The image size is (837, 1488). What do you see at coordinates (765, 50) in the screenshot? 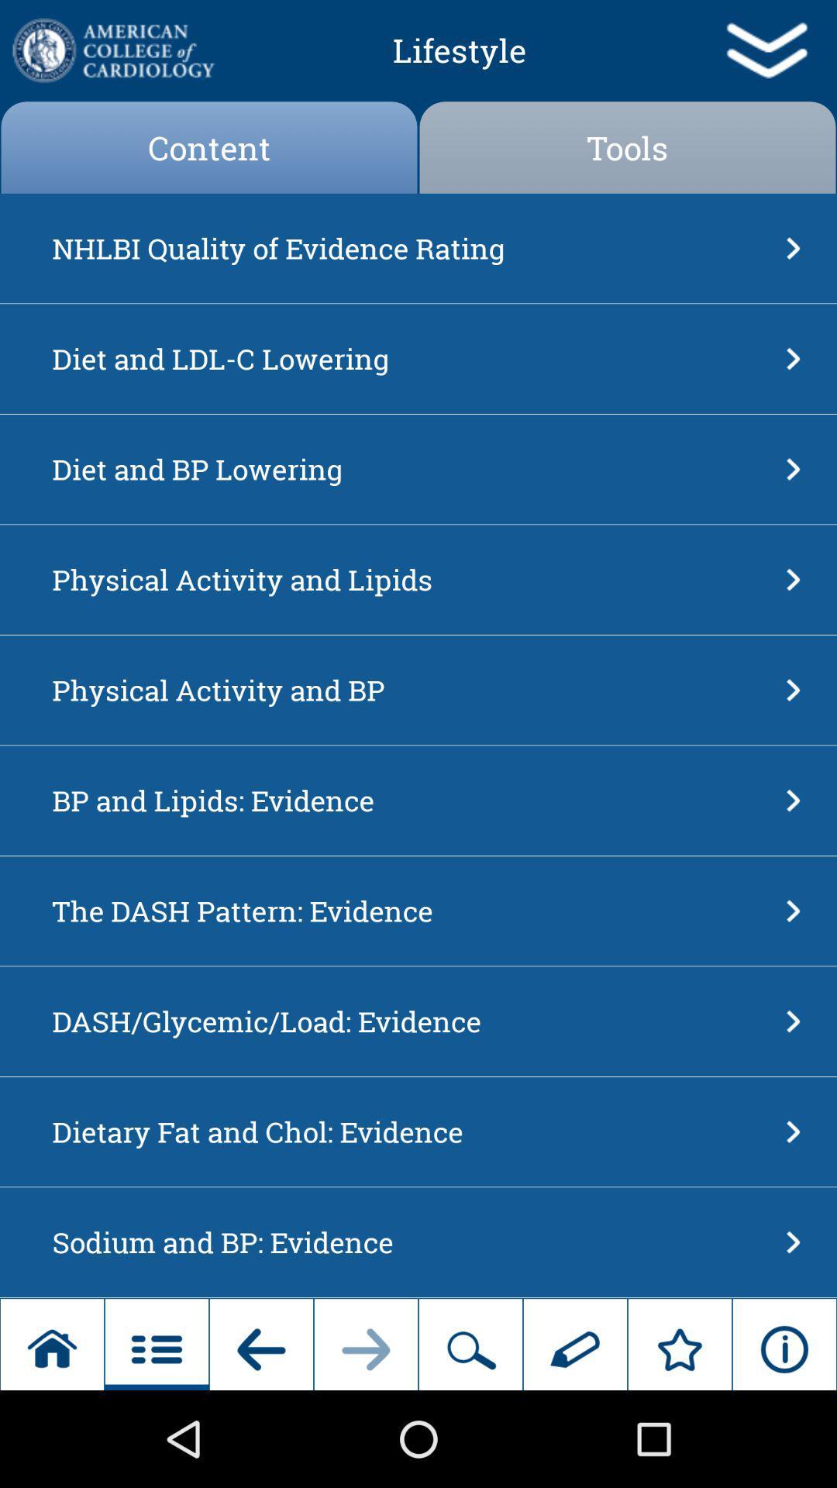
I see `app to the right of the lifestyle item` at bounding box center [765, 50].